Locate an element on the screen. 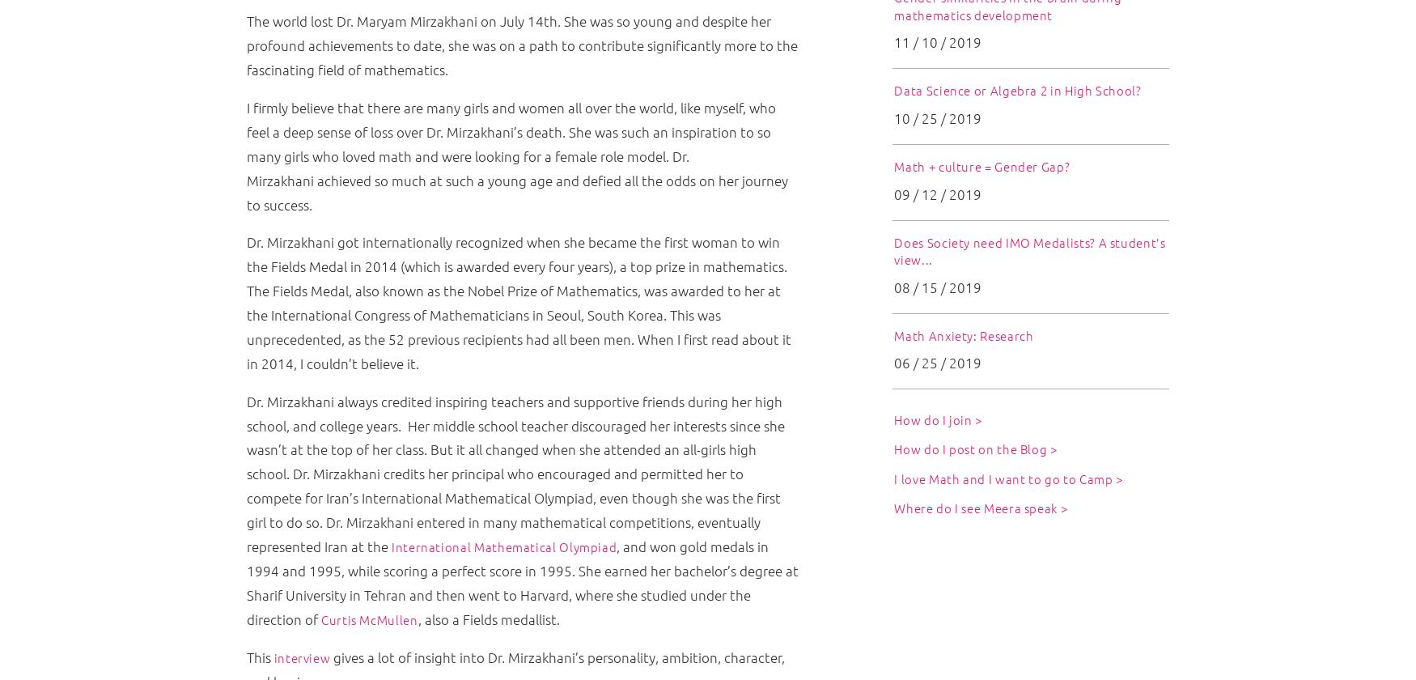 The height and width of the screenshot is (680, 1416). ', also a Fields medallist.' is located at coordinates (488, 618).